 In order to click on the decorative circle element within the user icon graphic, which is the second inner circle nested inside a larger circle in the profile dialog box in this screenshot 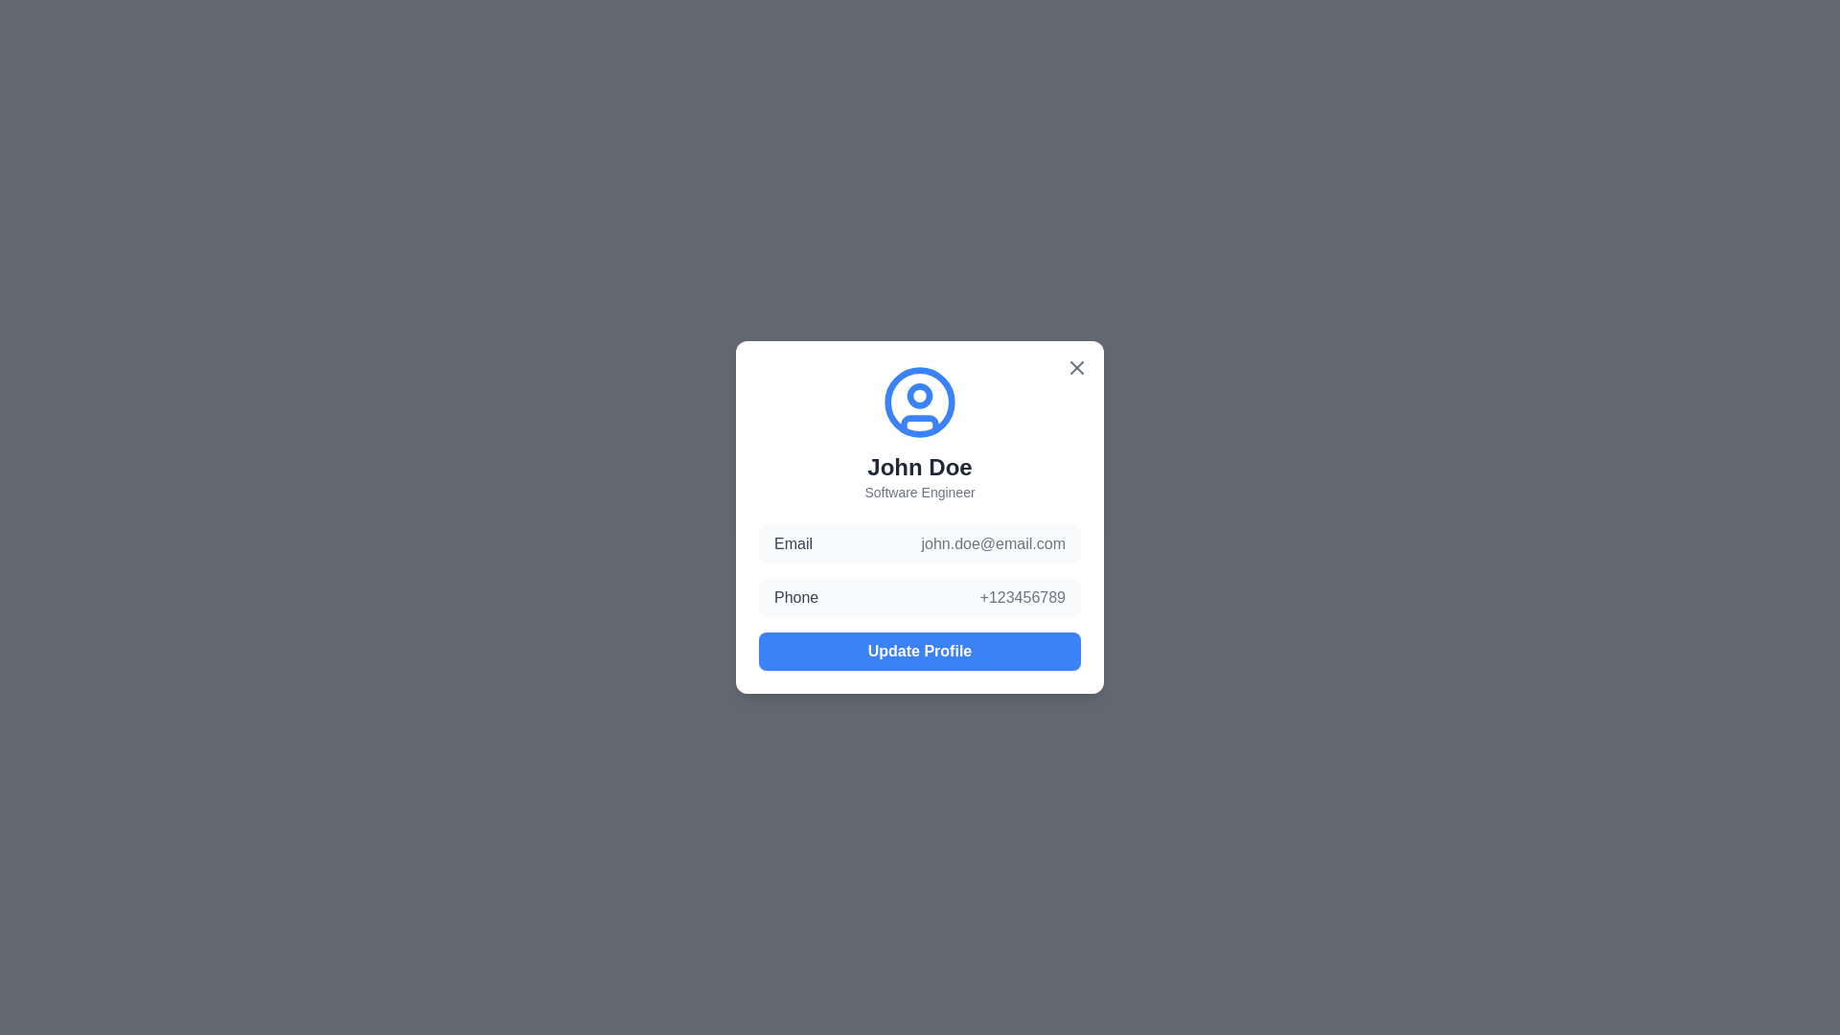, I will do `click(920, 394)`.